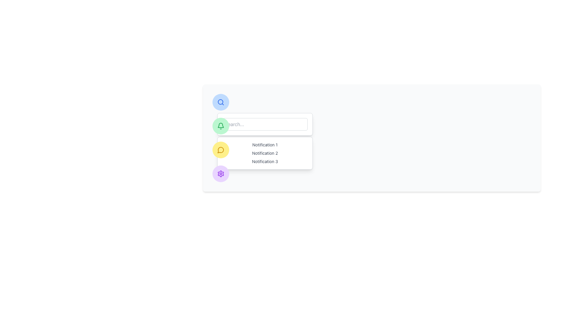 The image size is (573, 322). Describe the element at coordinates (220, 174) in the screenshot. I see `the purple cogwheel icon located at the bottom right corner of the interface` at that location.